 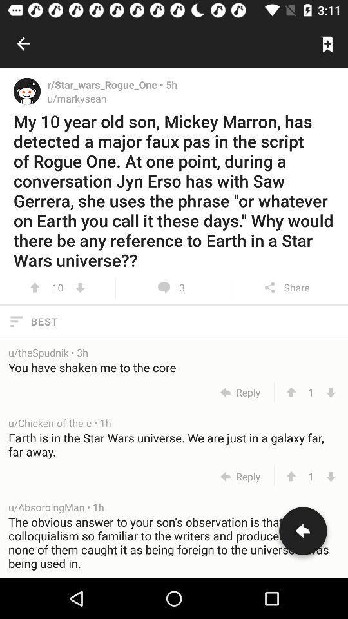 What do you see at coordinates (27, 90) in the screenshot?
I see `user 's profile` at bounding box center [27, 90].